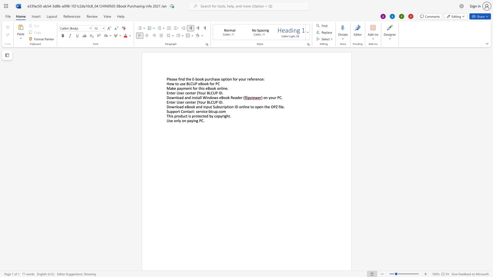 The image size is (493, 277). What do you see at coordinates (202, 97) in the screenshot?
I see `the subset text "Windows e" within the text "Download and install Windows eBook Reader ("` at bounding box center [202, 97].